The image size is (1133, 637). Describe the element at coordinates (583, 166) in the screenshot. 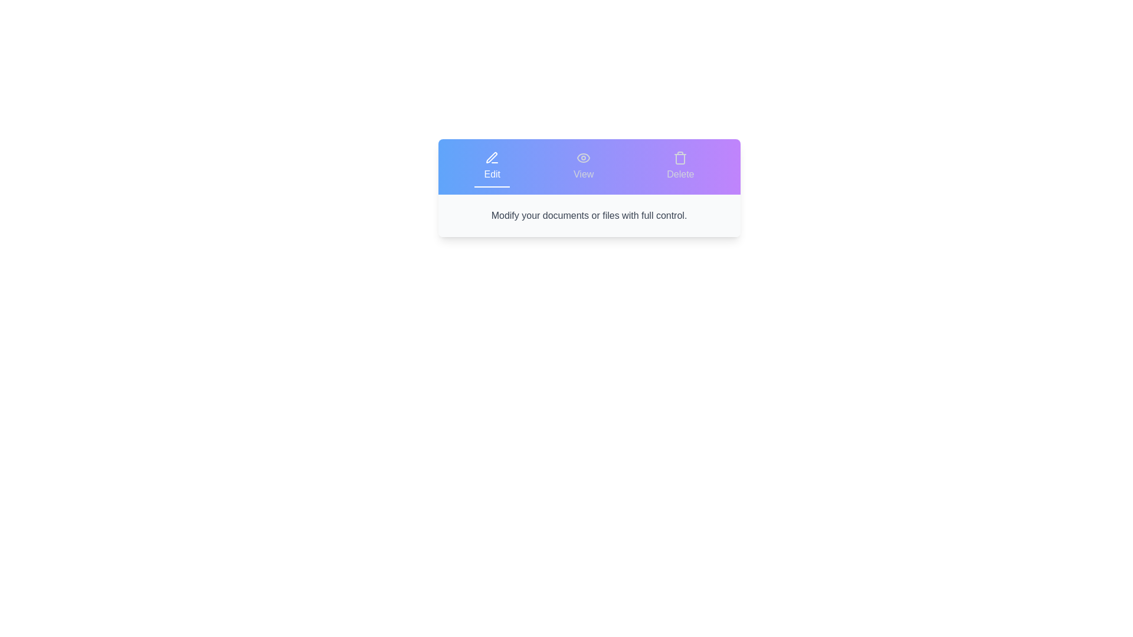

I see `the tab labeled View to view its content` at that location.